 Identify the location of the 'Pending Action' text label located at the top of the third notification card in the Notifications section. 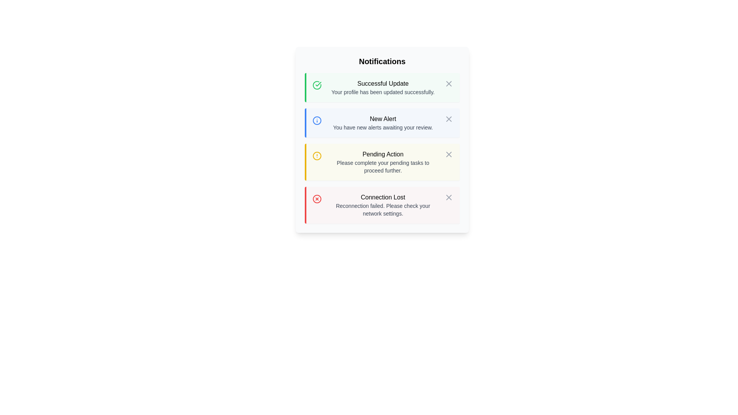
(383, 154).